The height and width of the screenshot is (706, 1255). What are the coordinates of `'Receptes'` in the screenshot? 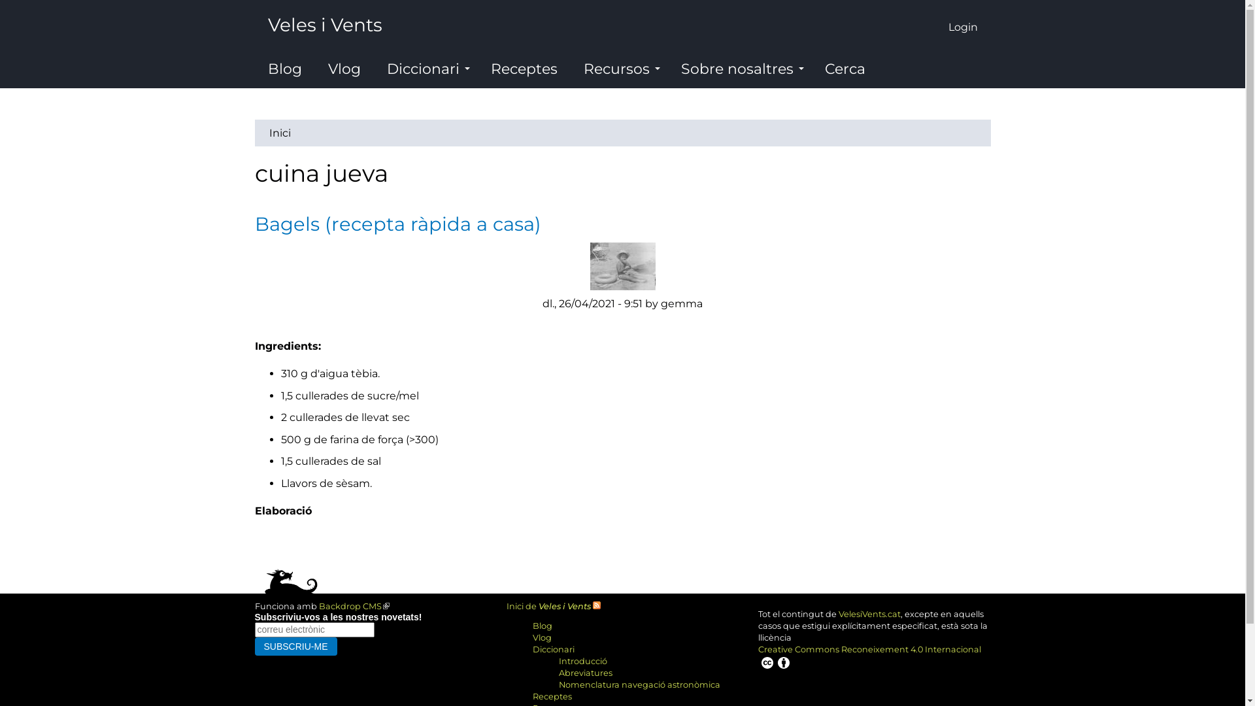 It's located at (533, 696).